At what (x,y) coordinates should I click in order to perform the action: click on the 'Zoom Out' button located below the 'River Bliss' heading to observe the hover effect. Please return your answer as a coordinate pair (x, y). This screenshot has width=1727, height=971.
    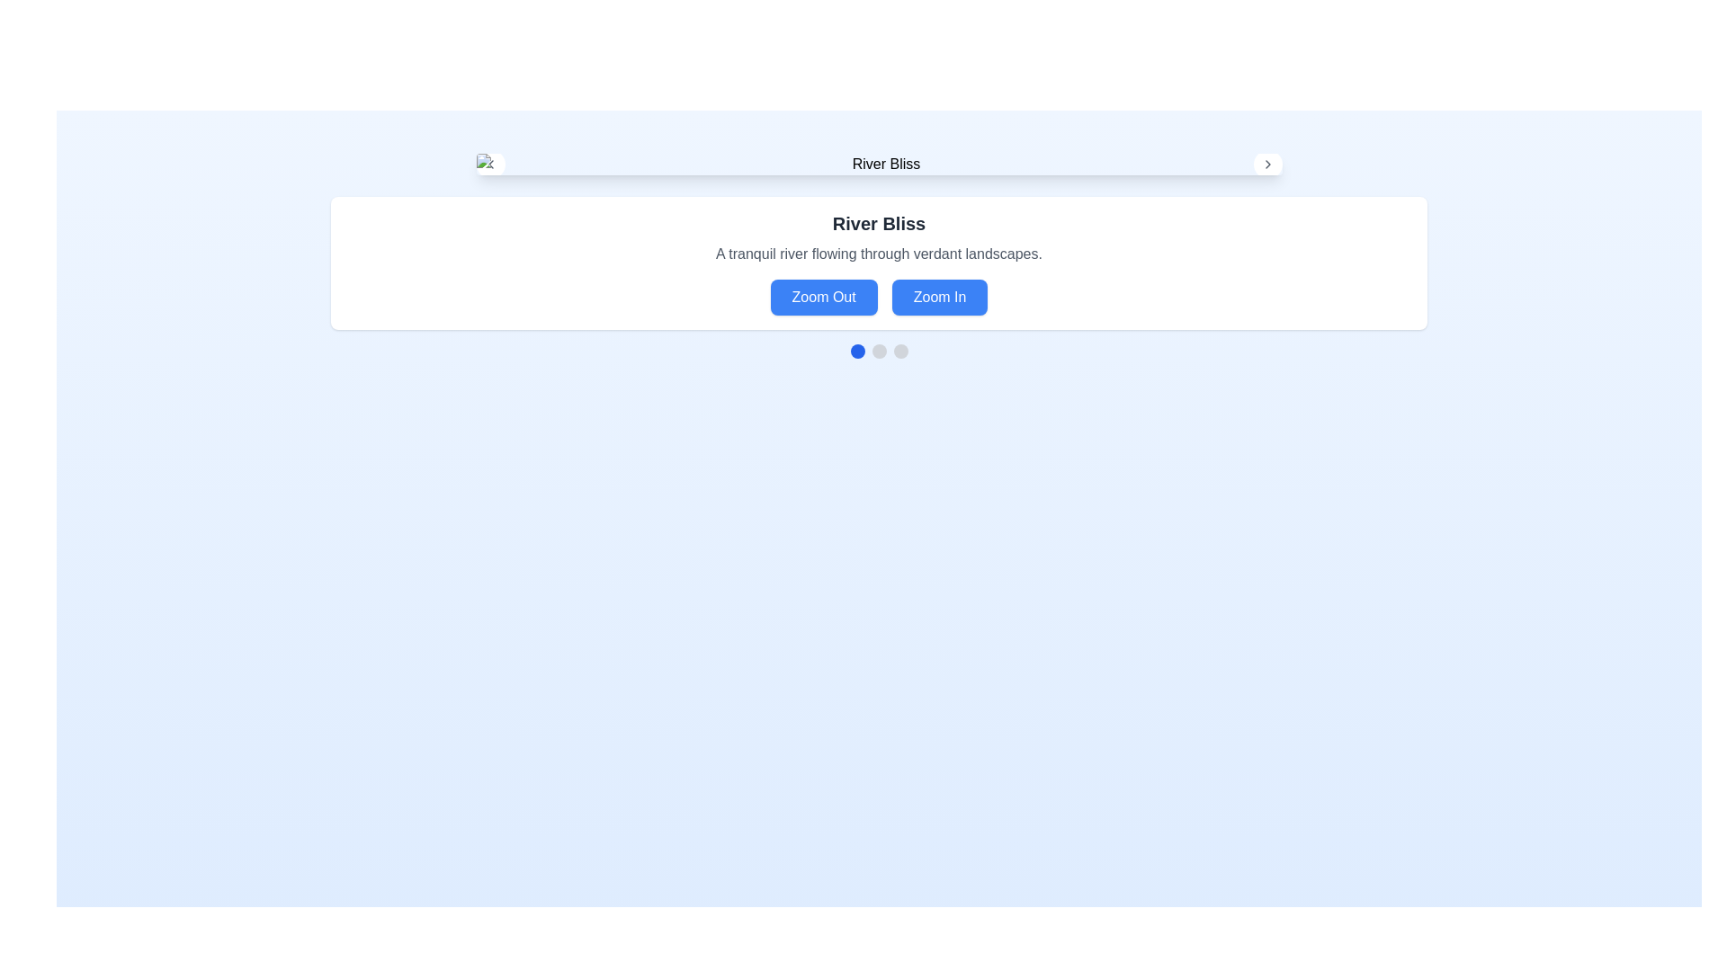
    Looking at the image, I should click on (823, 297).